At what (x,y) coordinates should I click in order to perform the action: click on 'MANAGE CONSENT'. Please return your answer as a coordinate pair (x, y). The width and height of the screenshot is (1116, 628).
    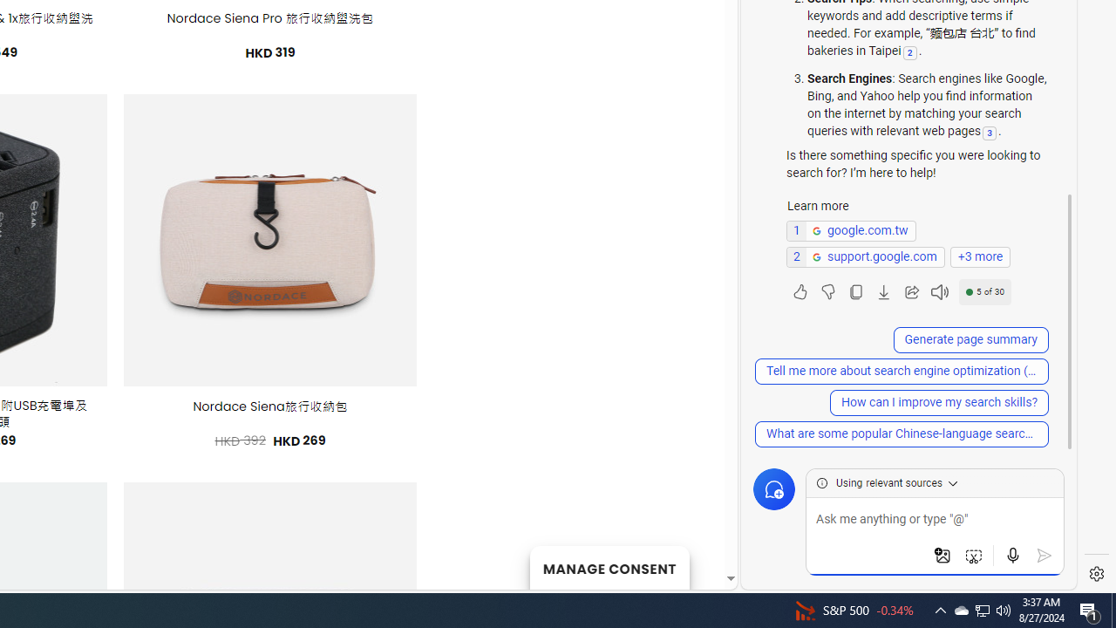
    Looking at the image, I should click on (609, 567).